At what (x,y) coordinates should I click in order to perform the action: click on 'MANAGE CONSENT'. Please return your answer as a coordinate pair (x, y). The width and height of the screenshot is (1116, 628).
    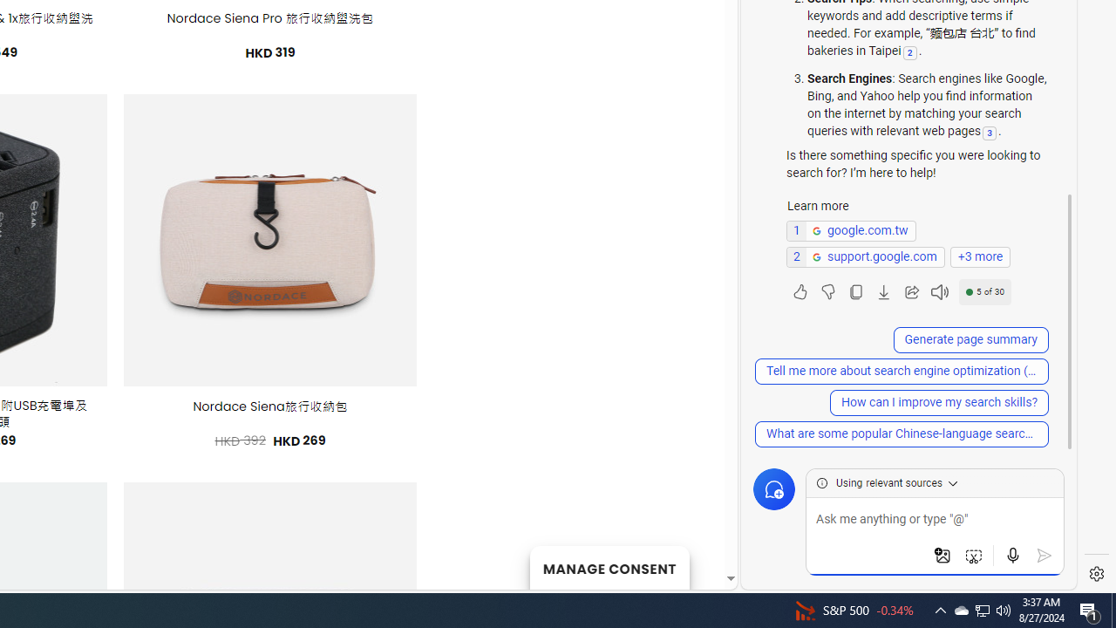
    Looking at the image, I should click on (609, 567).